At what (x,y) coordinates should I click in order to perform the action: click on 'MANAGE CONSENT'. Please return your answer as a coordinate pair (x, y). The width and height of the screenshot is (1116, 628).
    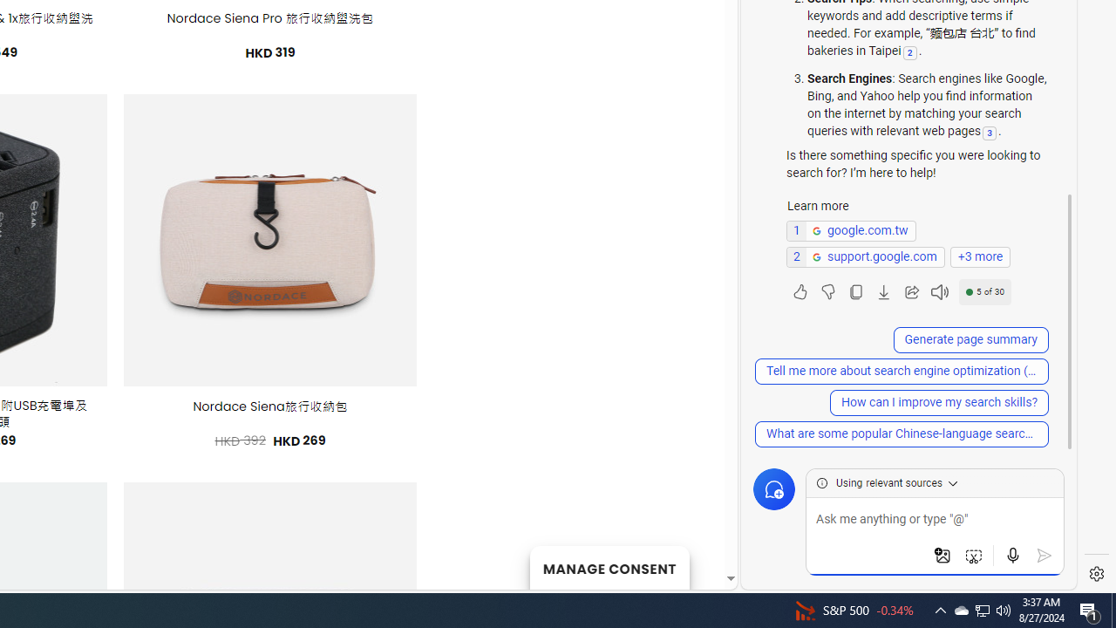
    Looking at the image, I should click on (609, 567).